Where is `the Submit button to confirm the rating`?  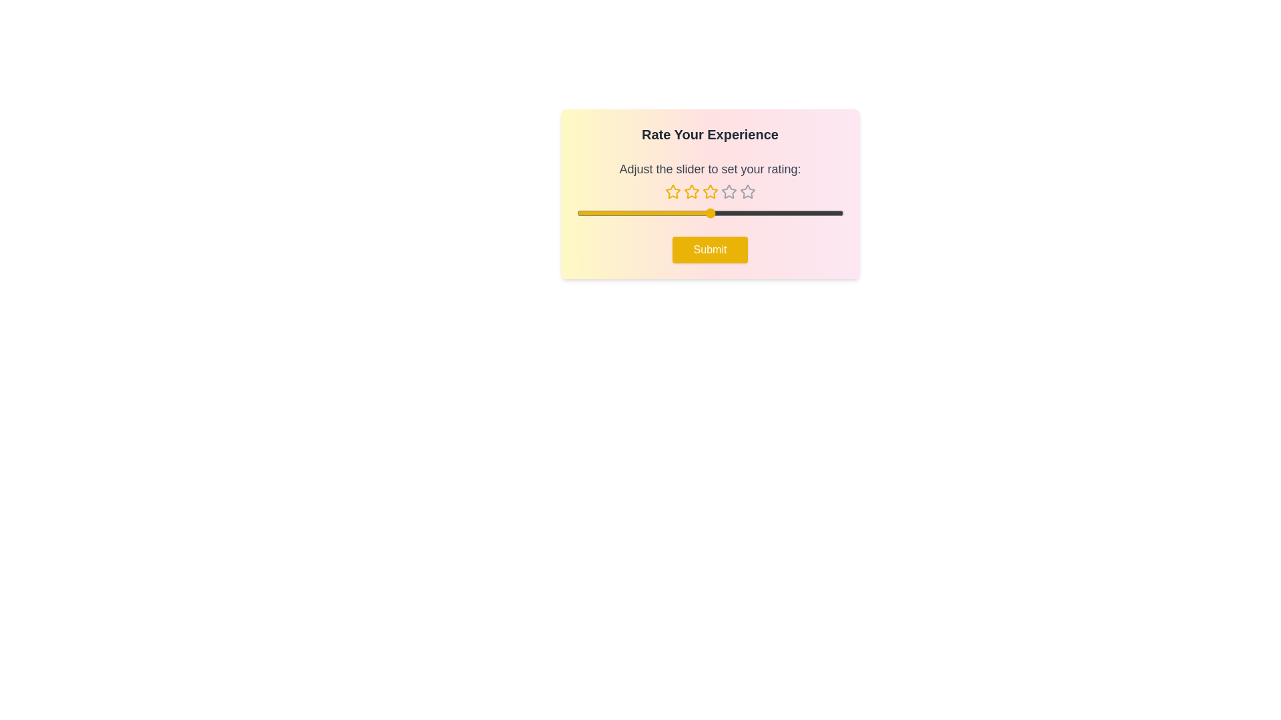
the Submit button to confirm the rating is located at coordinates (709, 249).